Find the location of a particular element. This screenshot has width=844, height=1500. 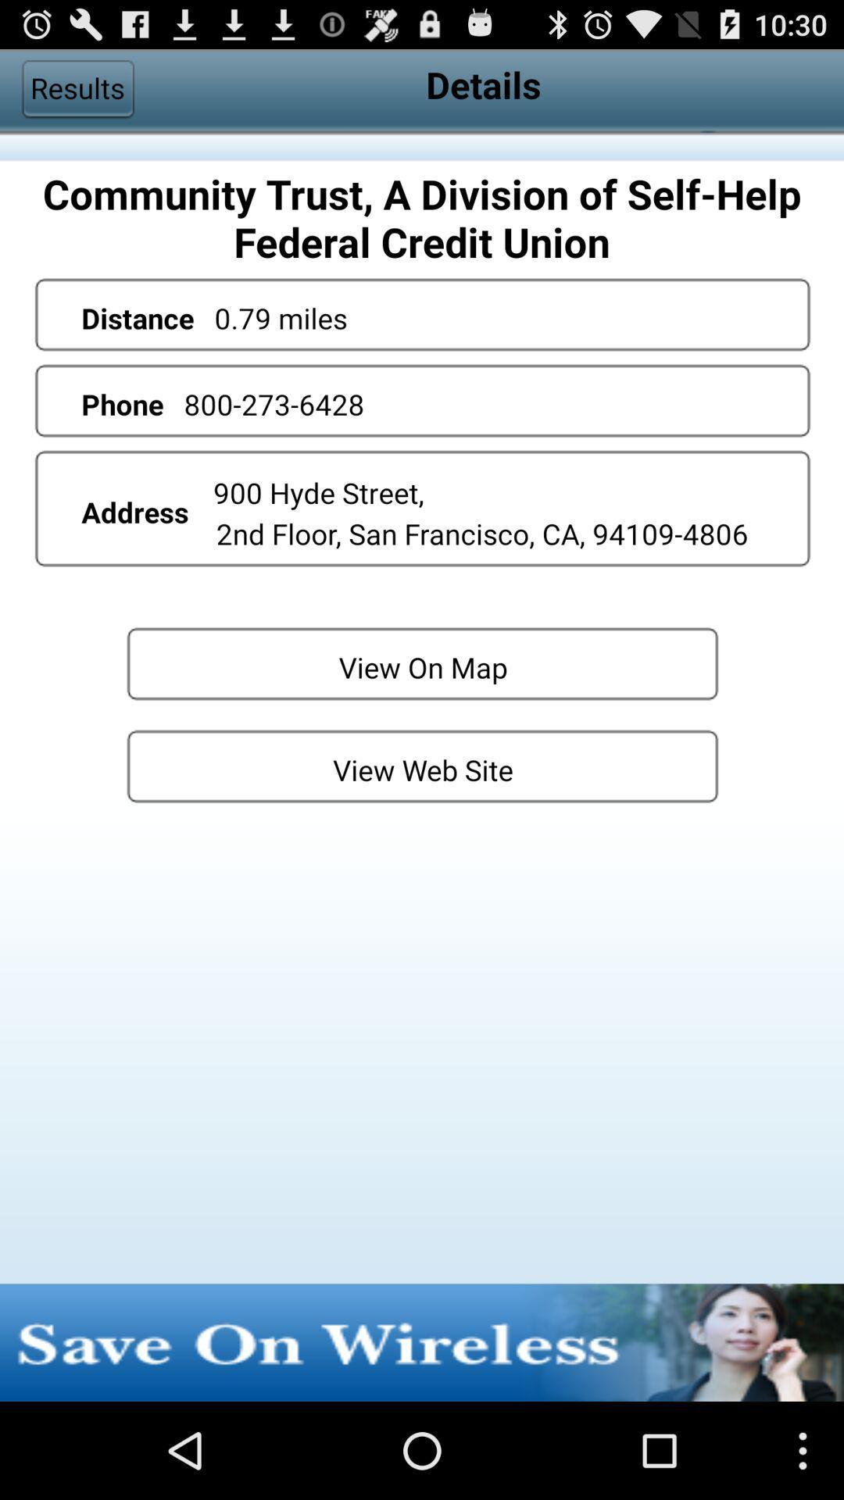

view on map button is located at coordinates (422, 663).